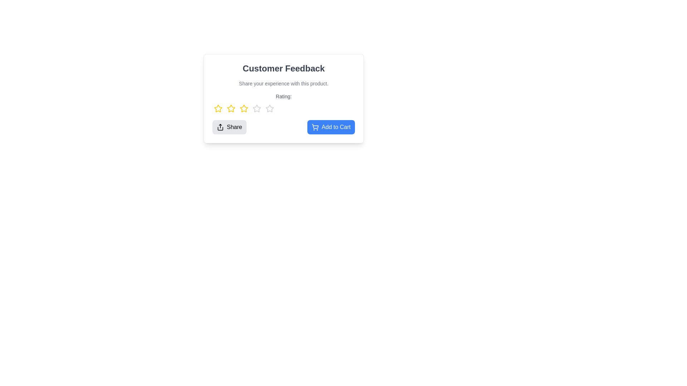 The width and height of the screenshot is (687, 386). I want to click on the star corresponding to the desired rating value 2, so click(231, 109).